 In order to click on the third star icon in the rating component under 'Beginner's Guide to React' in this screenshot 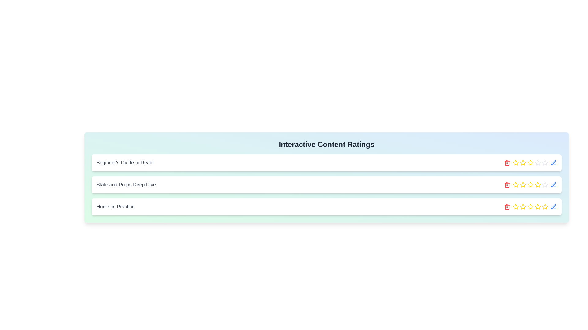, I will do `click(530, 162)`.